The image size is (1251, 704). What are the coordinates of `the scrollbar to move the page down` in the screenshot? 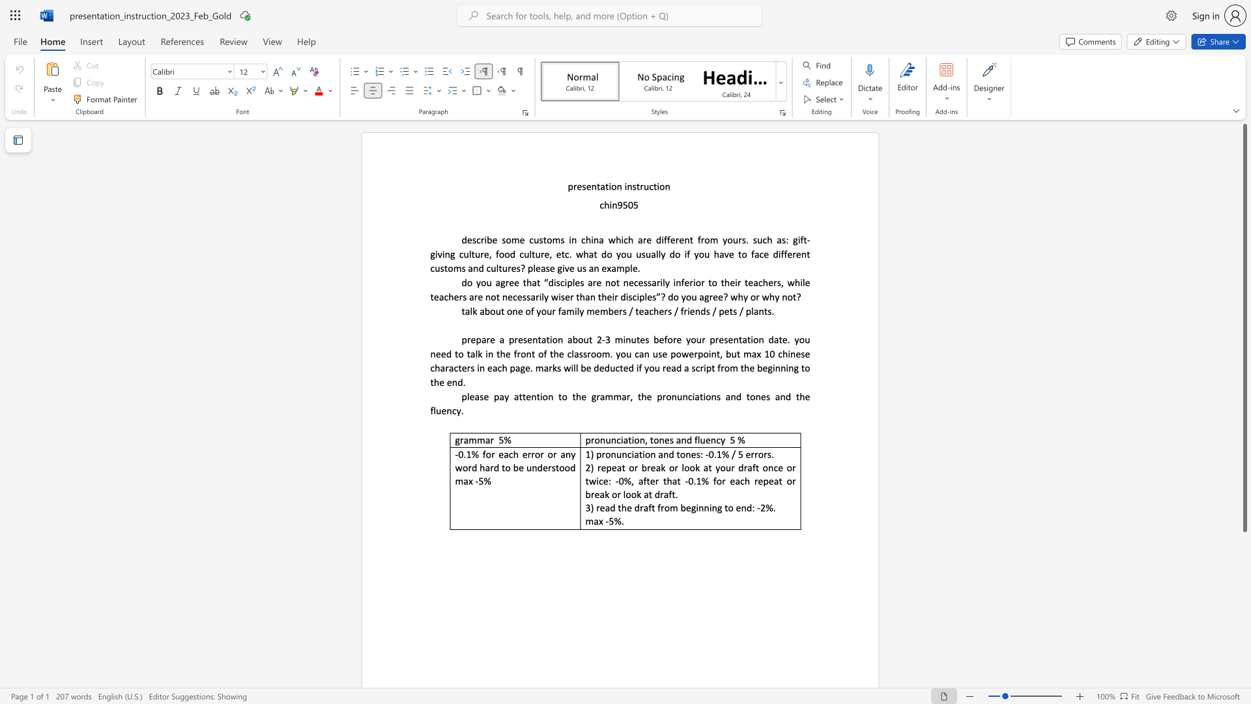 It's located at (1244, 613).